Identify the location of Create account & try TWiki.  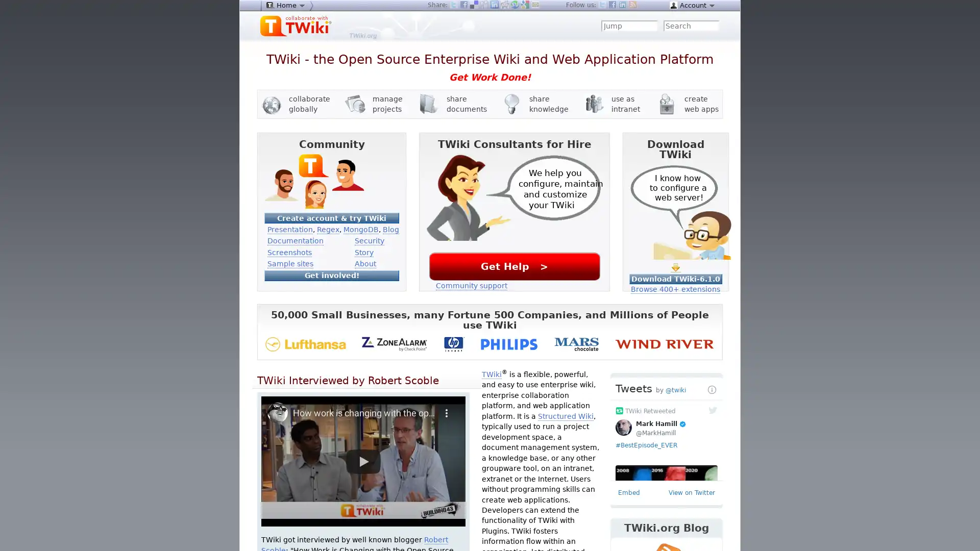
(331, 217).